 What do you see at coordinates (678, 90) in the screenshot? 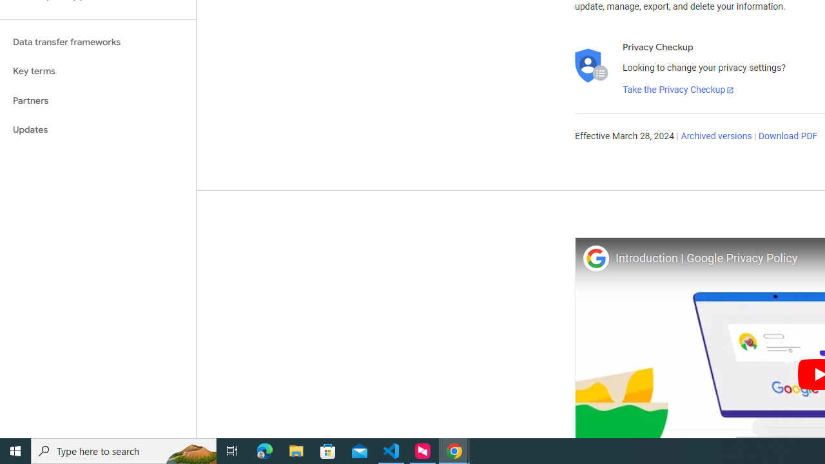
I see `'Take the Privacy Checkup'` at bounding box center [678, 90].